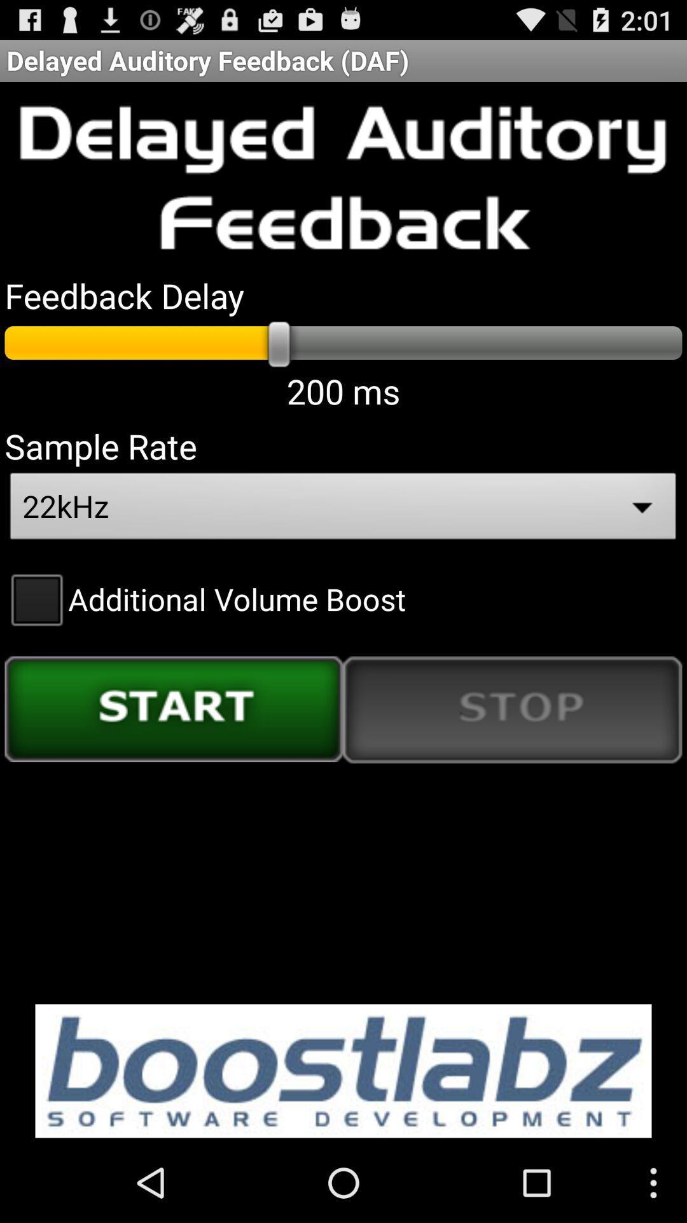 This screenshot has width=687, height=1223. Describe the element at coordinates (512, 709) in the screenshot. I see `item below the additional volume boost` at that location.